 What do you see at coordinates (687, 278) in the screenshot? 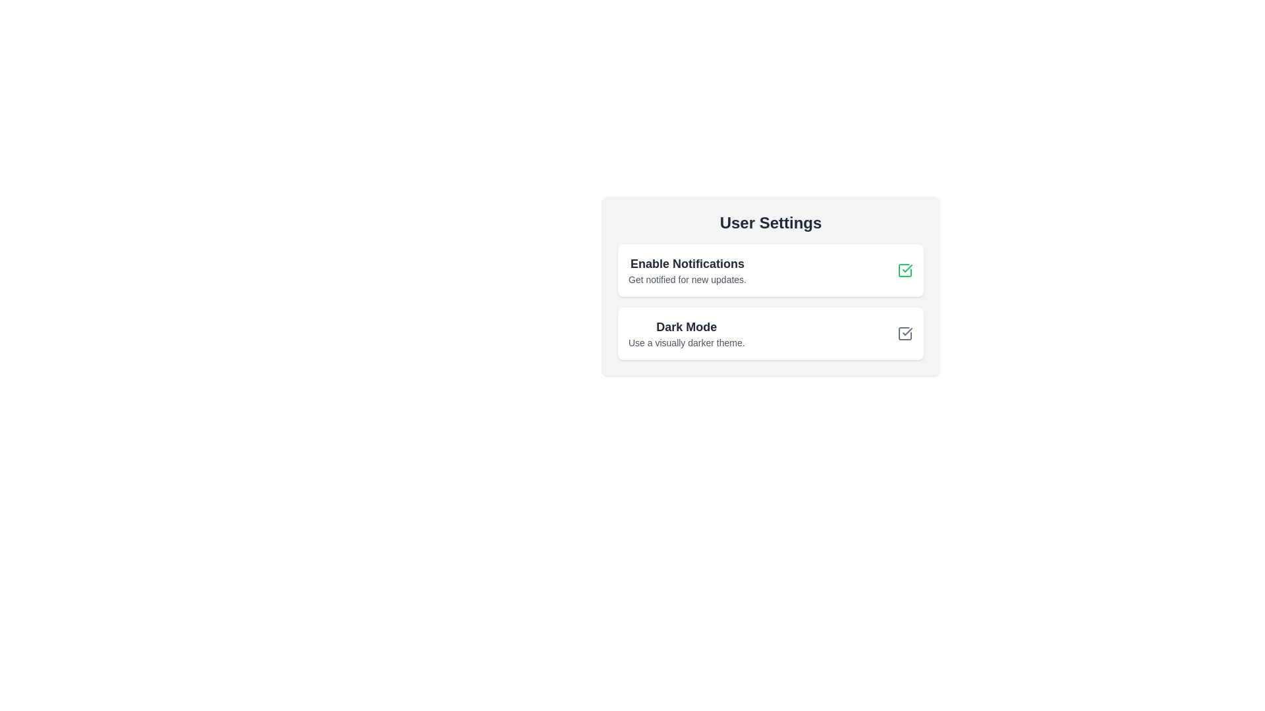
I see `the descriptive text for the 'Enable Notifications' setting` at bounding box center [687, 278].